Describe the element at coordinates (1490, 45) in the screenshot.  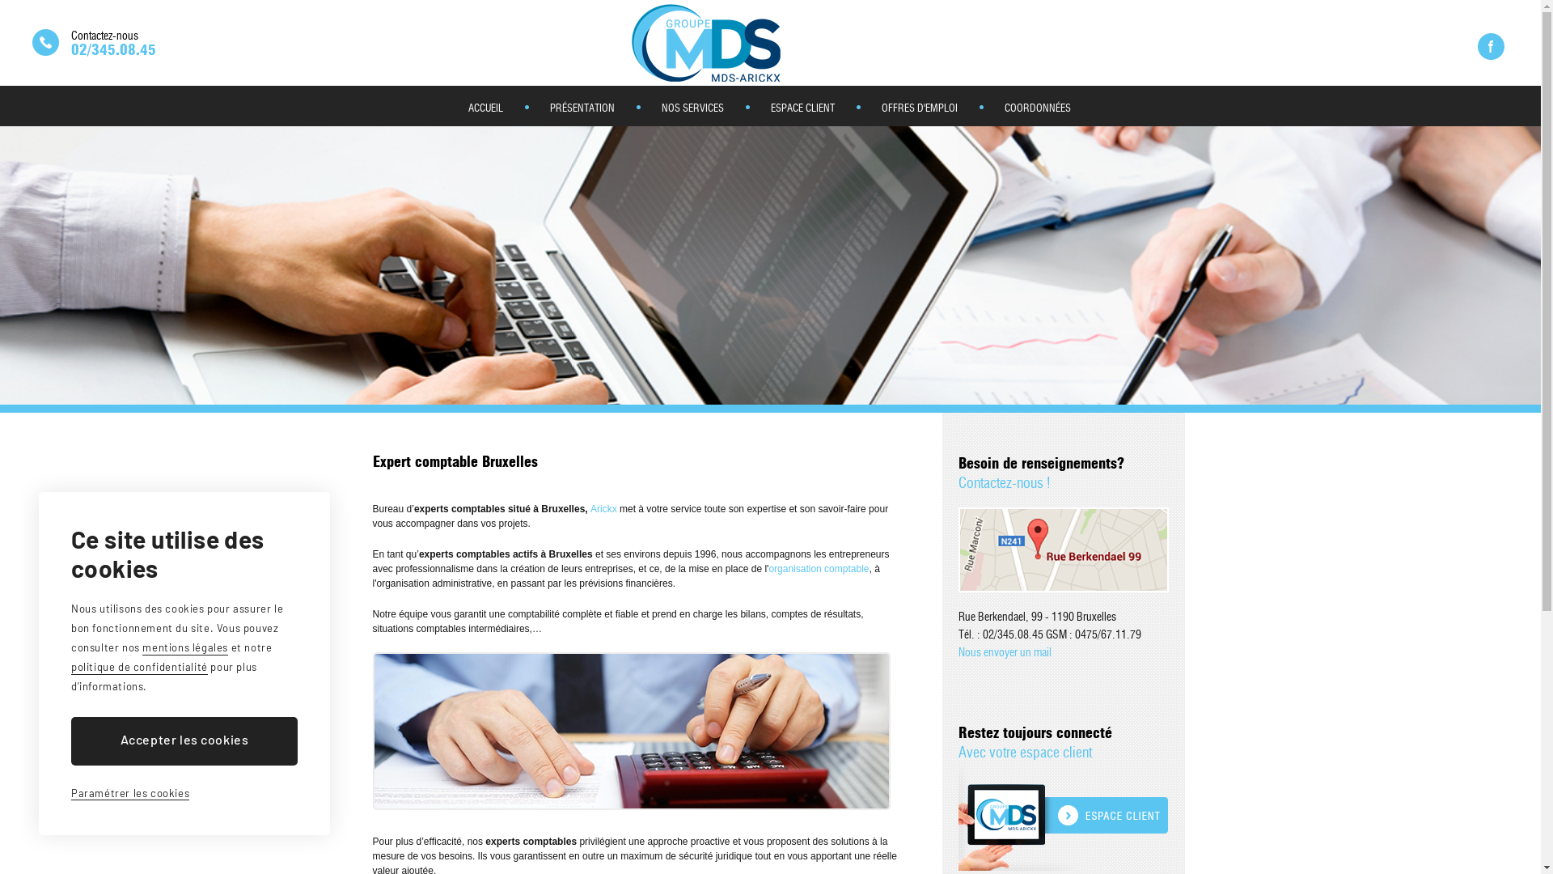
I see `'Rejoignez notre page Facebook'` at that location.